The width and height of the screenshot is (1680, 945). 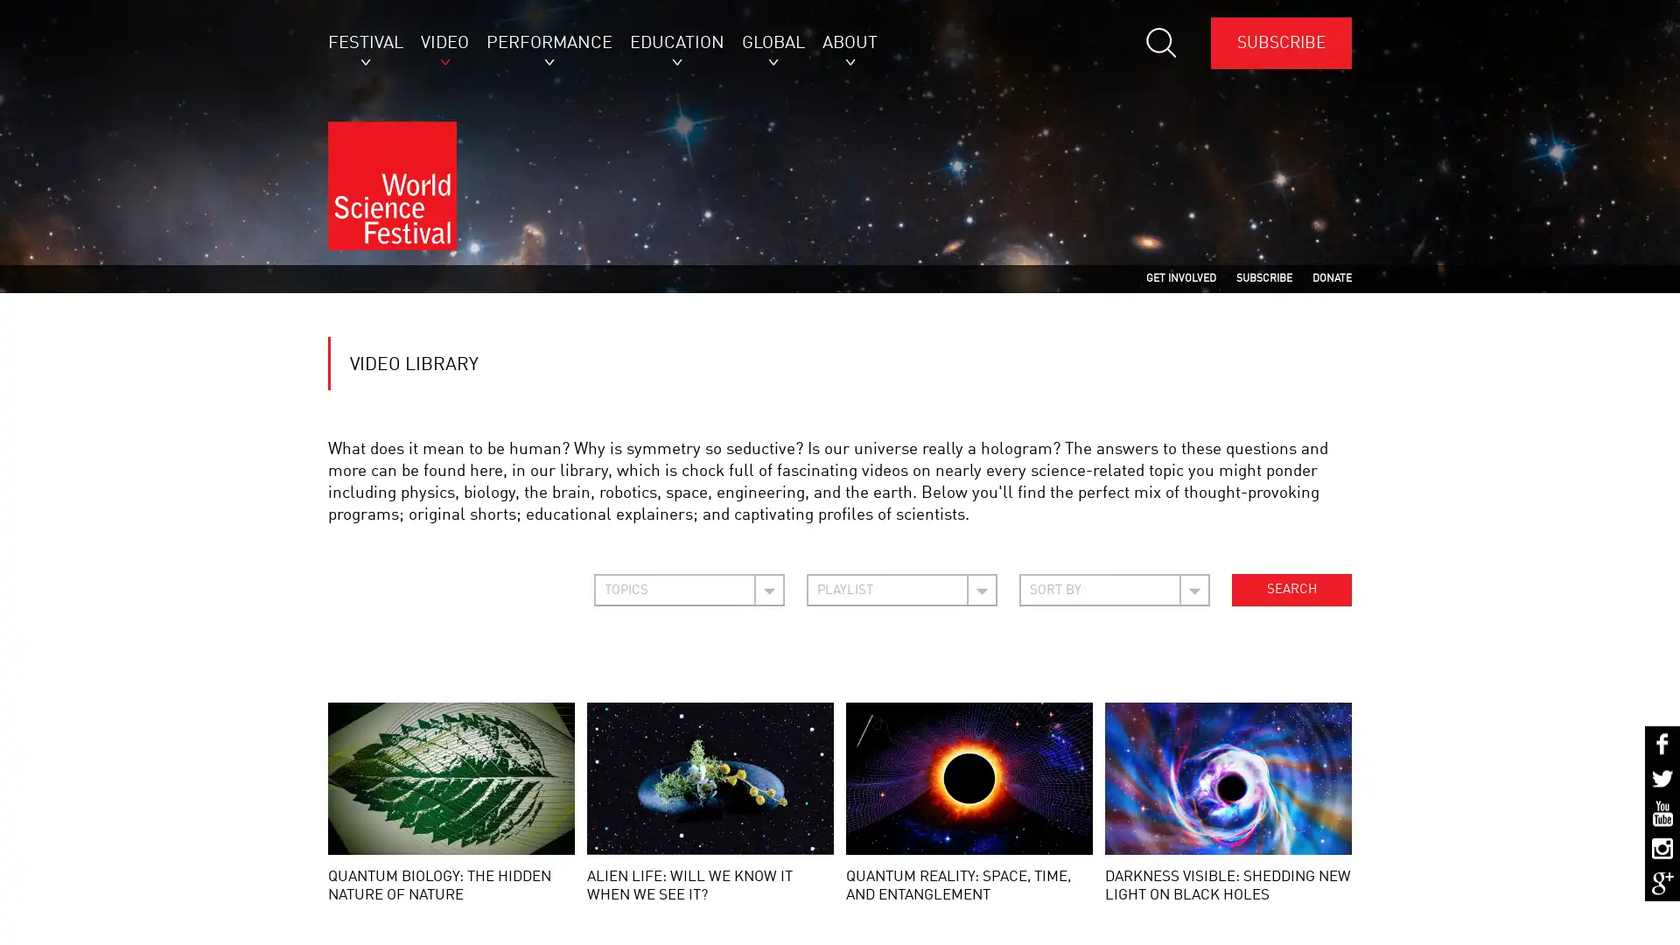 What do you see at coordinates (1291, 605) in the screenshot?
I see `Search` at bounding box center [1291, 605].